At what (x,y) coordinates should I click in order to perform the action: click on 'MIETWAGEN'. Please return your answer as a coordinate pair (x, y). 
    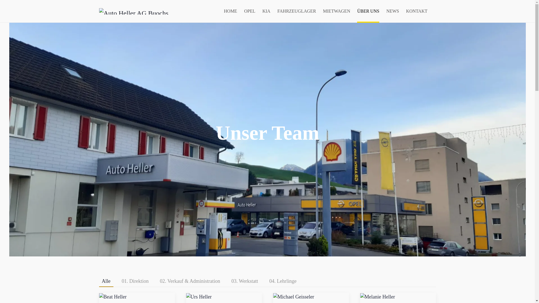
    Looking at the image, I should click on (323, 11).